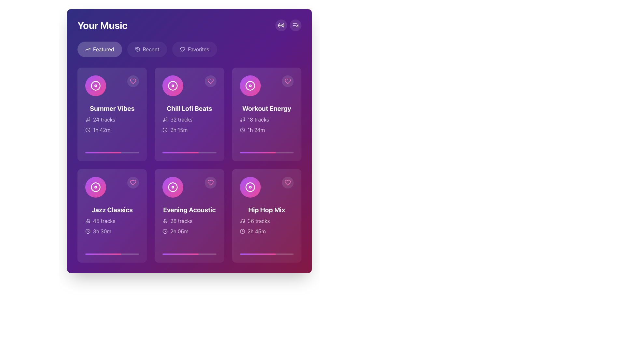 This screenshot has height=351, width=625. Describe the element at coordinates (112, 210) in the screenshot. I see `the 'Jazz Classics' text label, which is bold, large-sized, and white on a purple background, located in the second row and first column of the music category grid` at that location.